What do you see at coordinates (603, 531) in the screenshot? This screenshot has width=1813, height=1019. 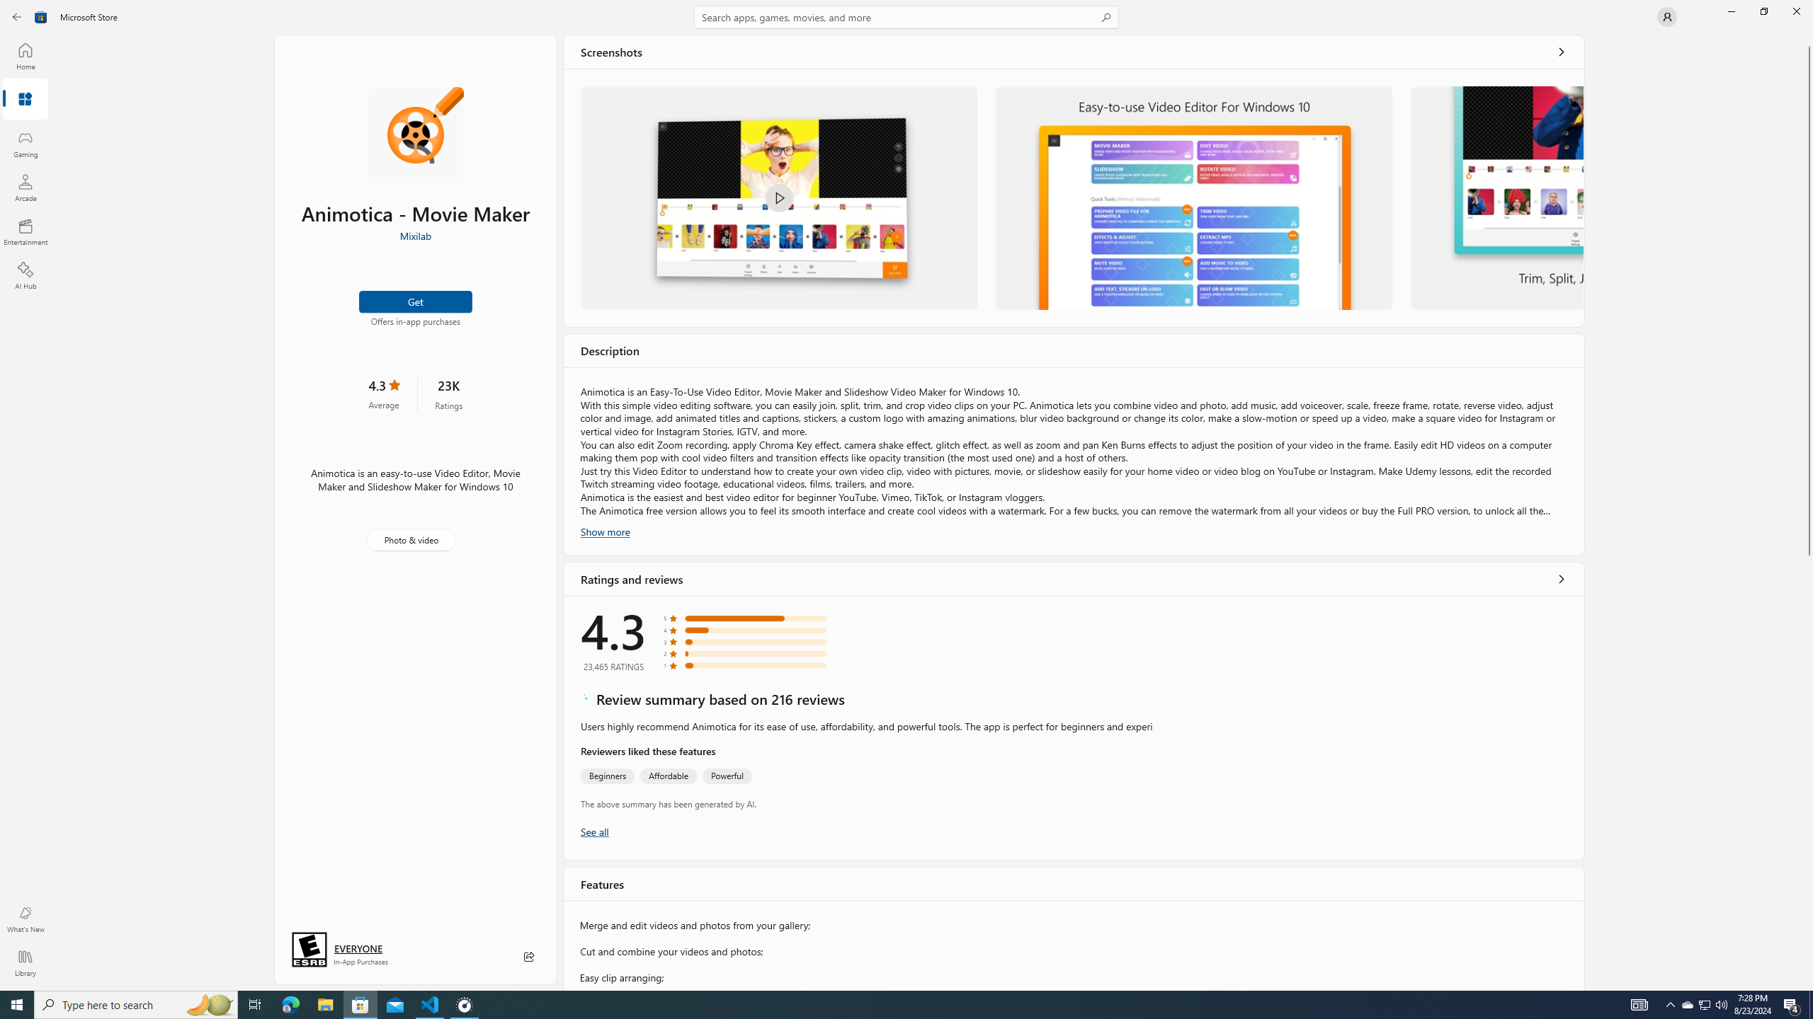 I see `'Show more'` at bounding box center [603, 531].